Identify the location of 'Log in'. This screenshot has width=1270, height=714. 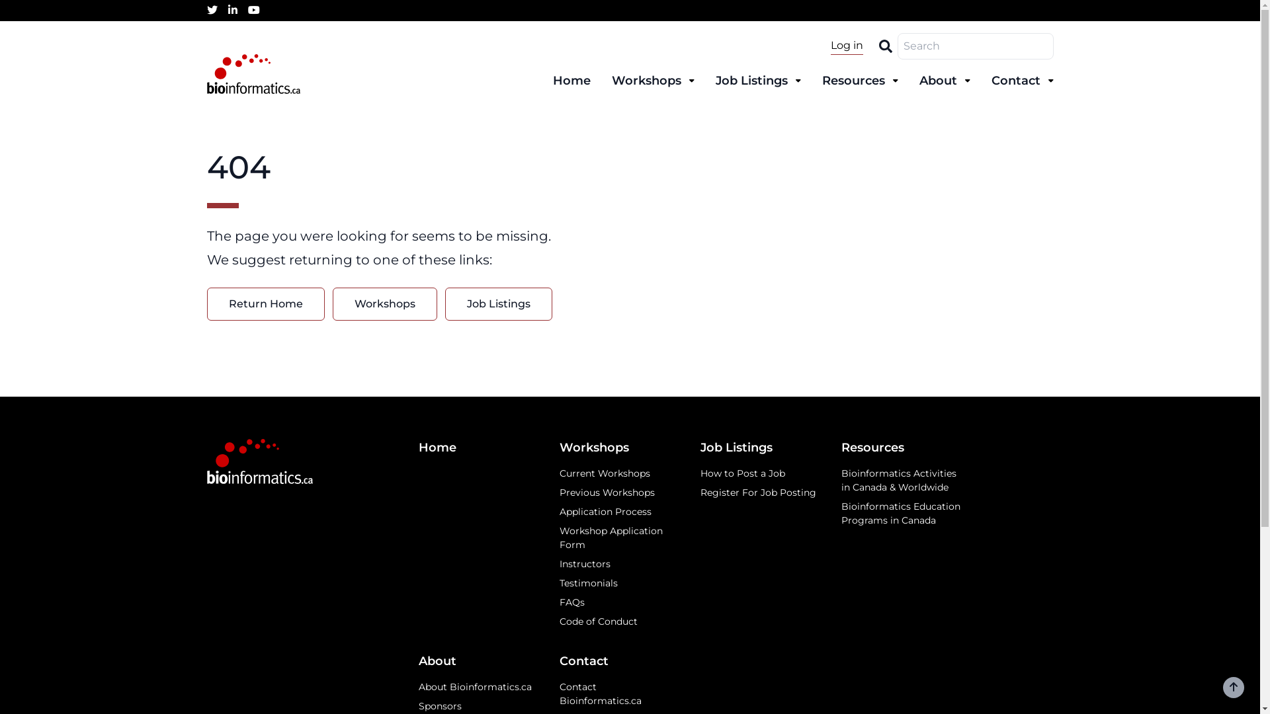
(847, 45).